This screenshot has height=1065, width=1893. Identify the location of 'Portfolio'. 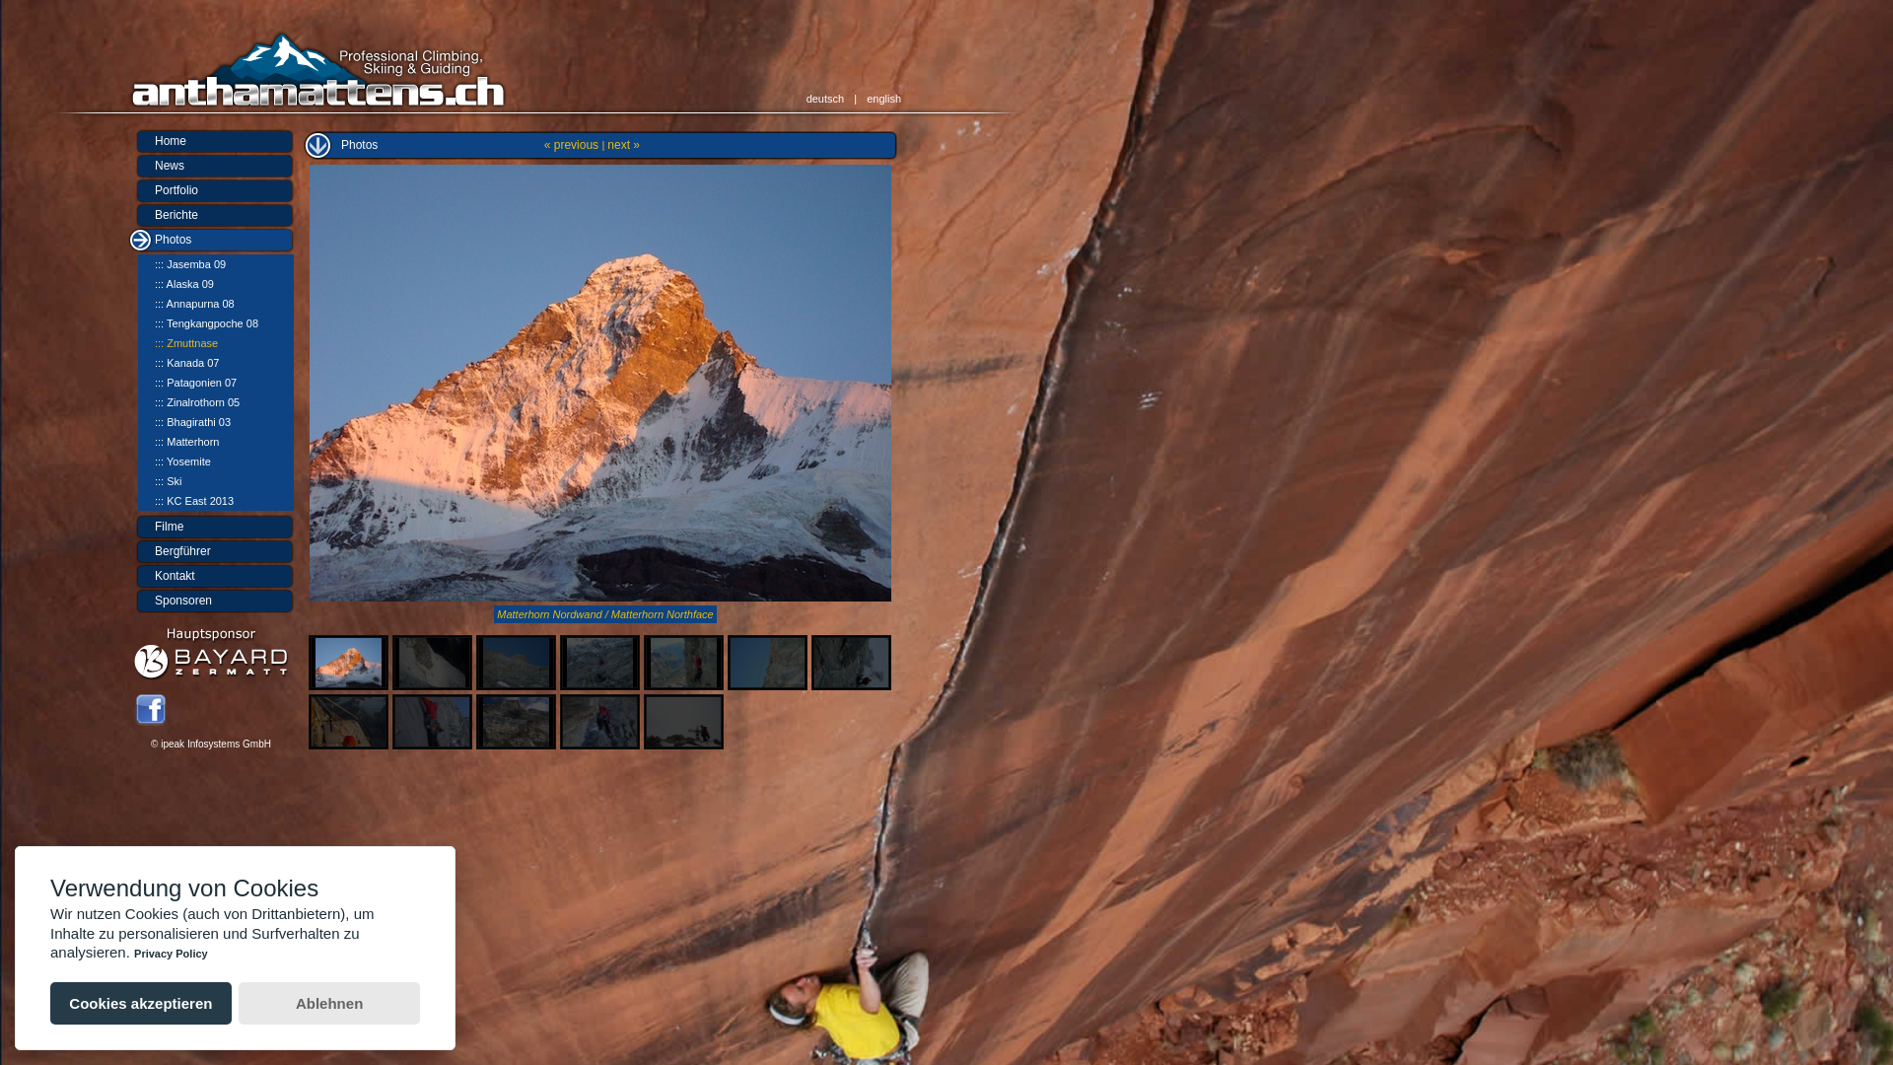
(163, 189).